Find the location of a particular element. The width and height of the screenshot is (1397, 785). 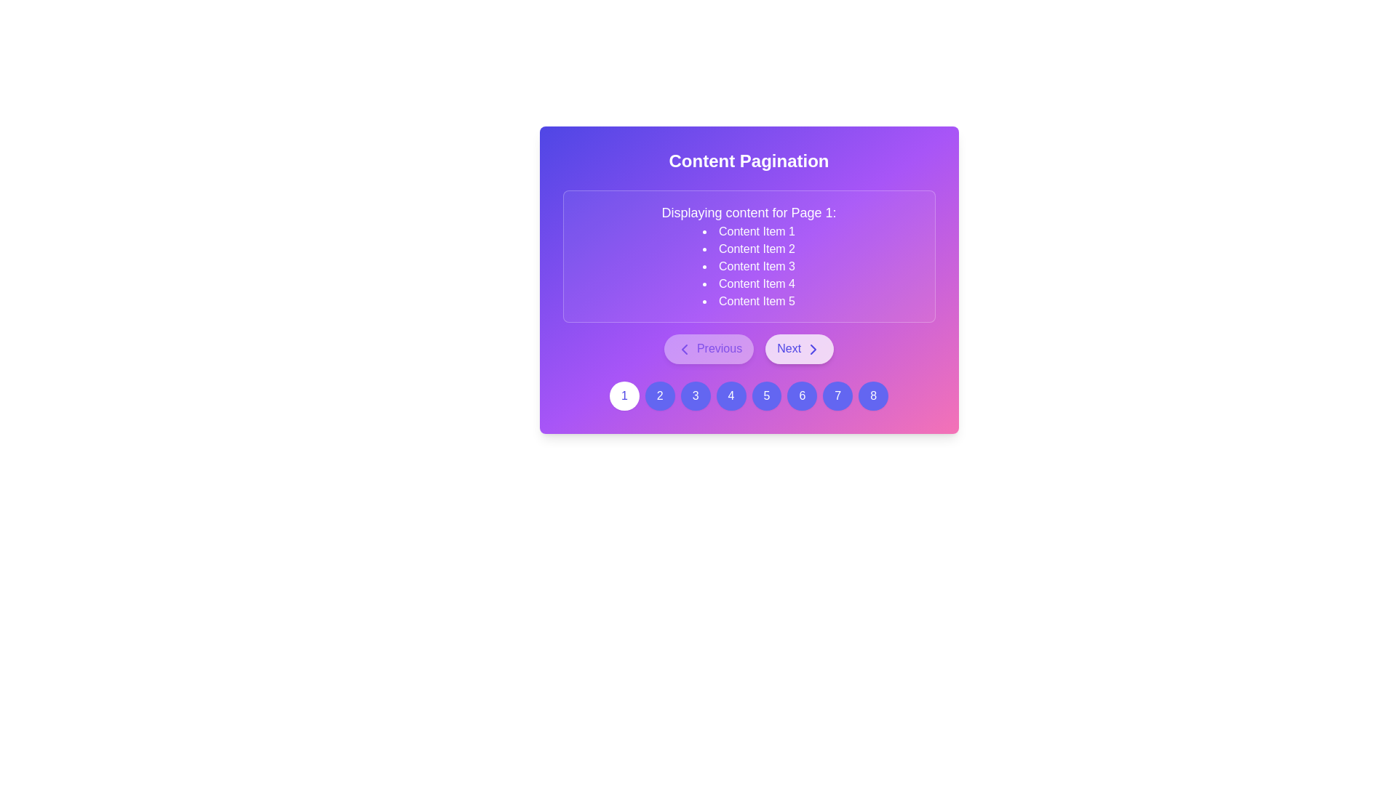

the navigation icon located at the far left inside the 'Previous' button, which precedes the text label 'Previous' is located at coordinates (684, 349).